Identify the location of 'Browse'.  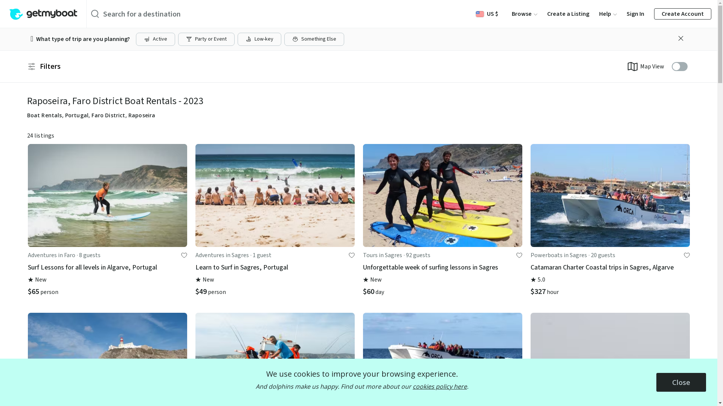
(511, 14).